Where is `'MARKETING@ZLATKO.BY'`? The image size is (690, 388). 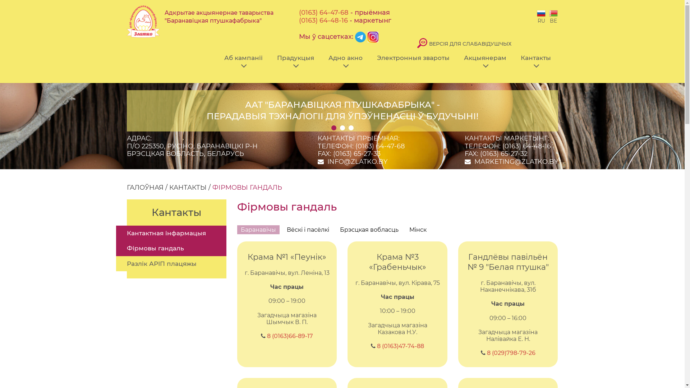
'MARKETING@ZLATKO.BY' is located at coordinates (474, 162).